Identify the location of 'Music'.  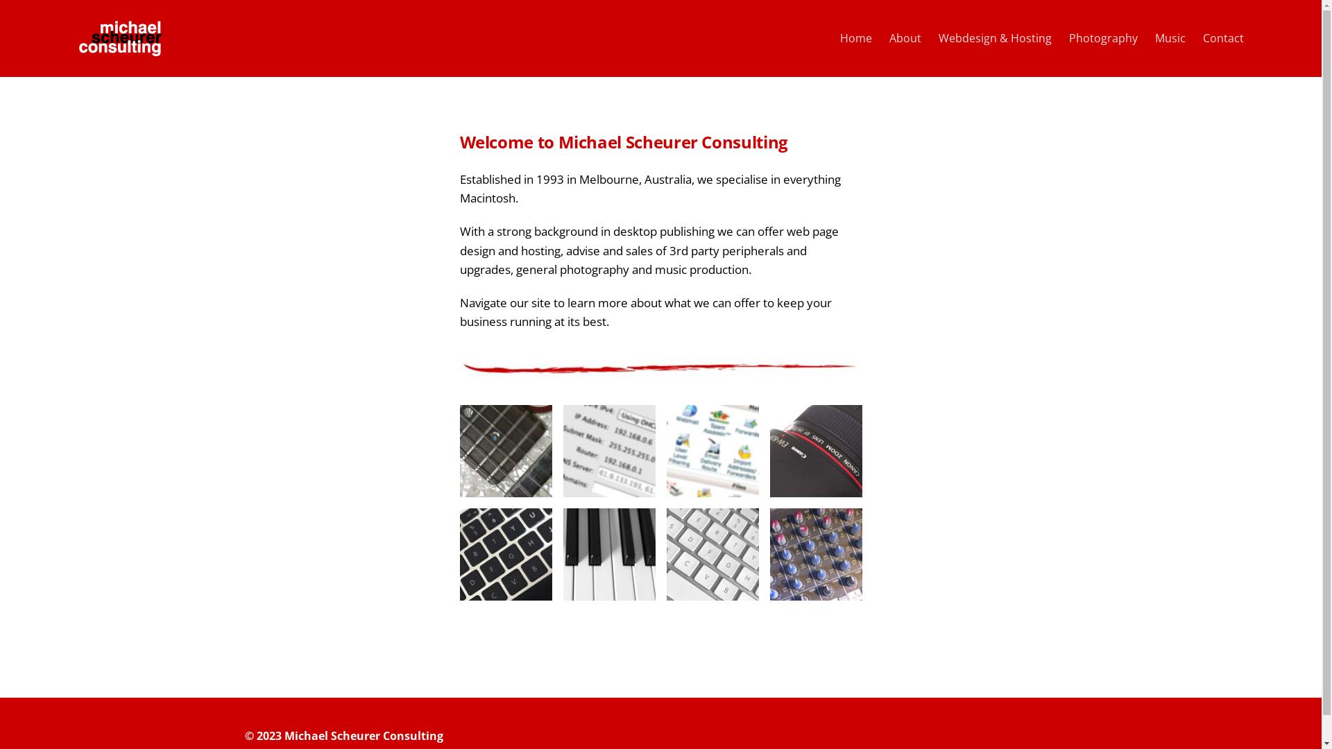
(1168, 37).